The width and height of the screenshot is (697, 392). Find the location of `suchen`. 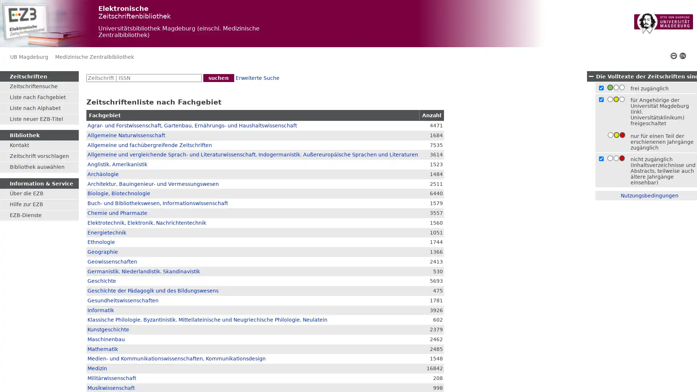

suchen is located at coordinates (218, 78).